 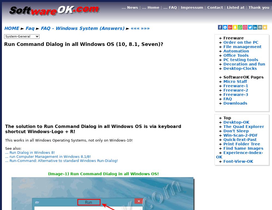 I want to click on 'Listed at', so click(x=235, y=7).